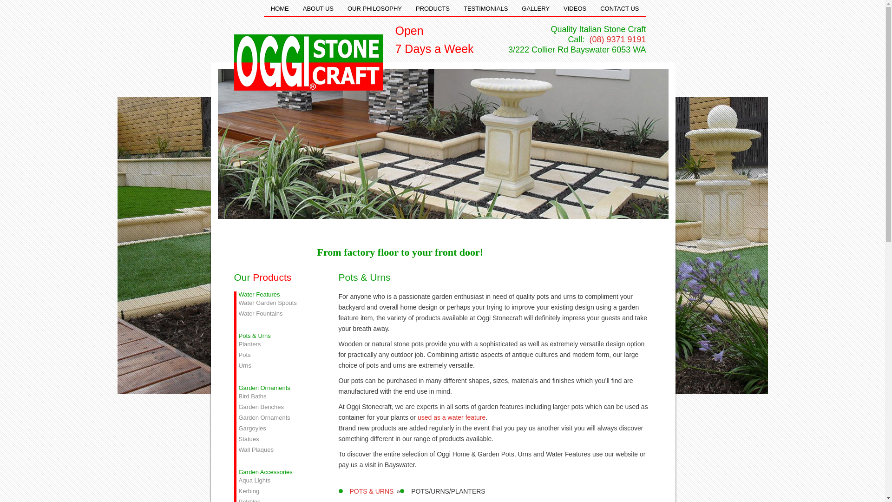  What do you see at coordinates (417, 417) in the screenshot?
I see `'used as a water feature'` at bounding box center [417, 417].